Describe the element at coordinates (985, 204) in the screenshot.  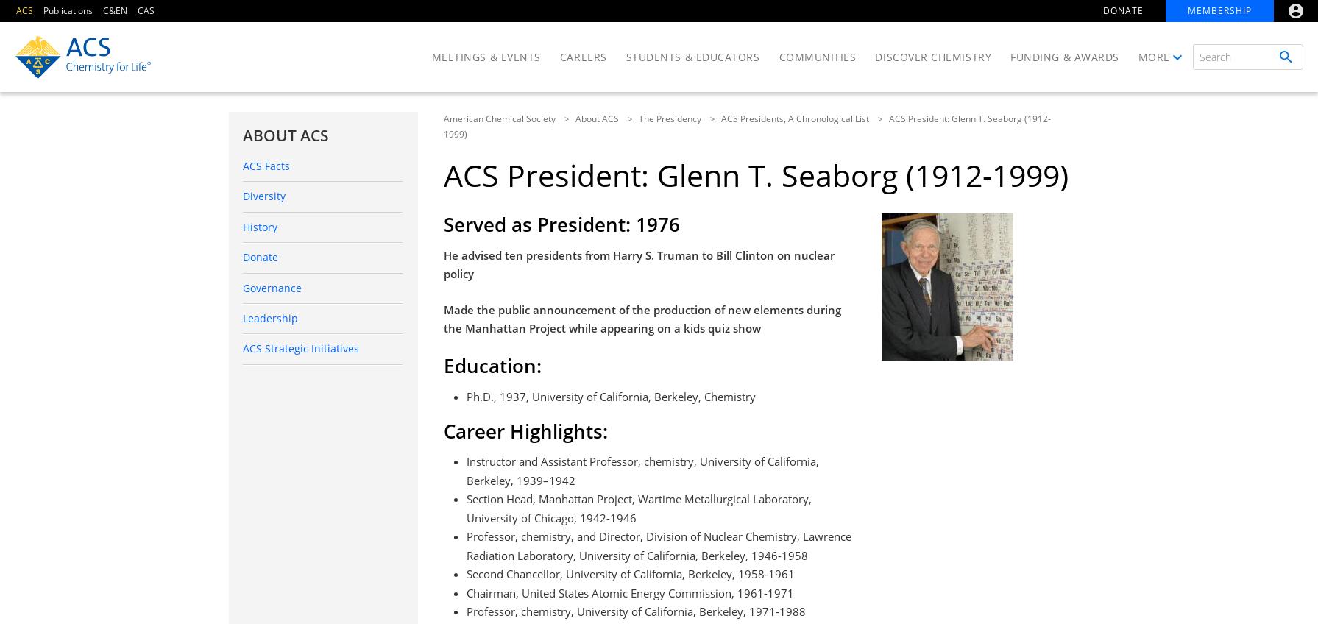
I see `'Chemical & Laboratory Safety'` at that location.